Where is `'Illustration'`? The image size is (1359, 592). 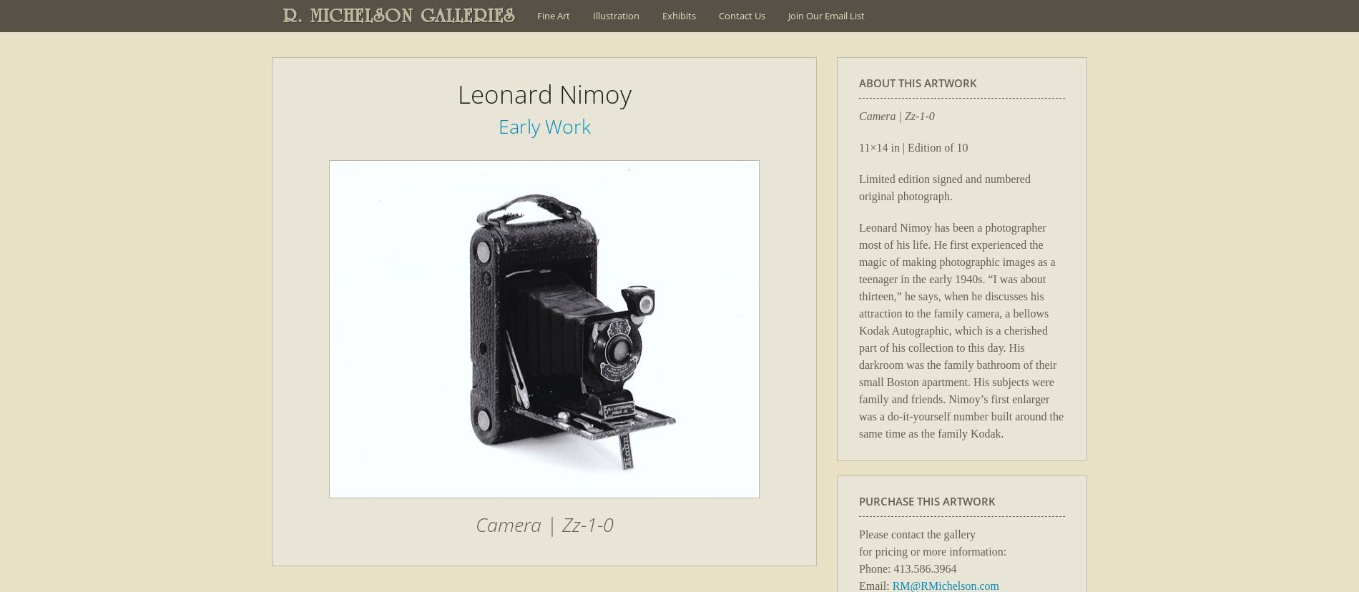
'Illustration' is located at coordinates (614, 16).